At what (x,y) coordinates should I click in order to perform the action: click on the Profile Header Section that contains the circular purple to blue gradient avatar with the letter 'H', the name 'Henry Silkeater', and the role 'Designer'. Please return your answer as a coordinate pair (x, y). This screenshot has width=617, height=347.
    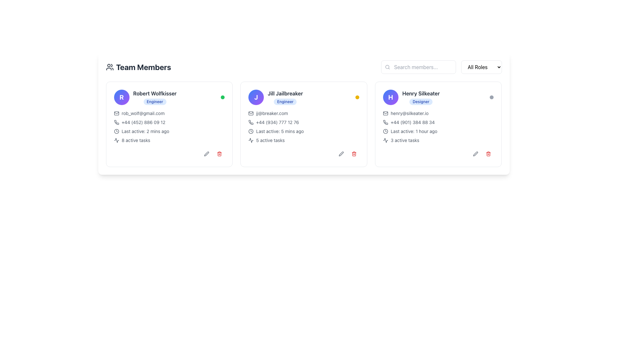
    Looking at the image, I should click on (438, 97).